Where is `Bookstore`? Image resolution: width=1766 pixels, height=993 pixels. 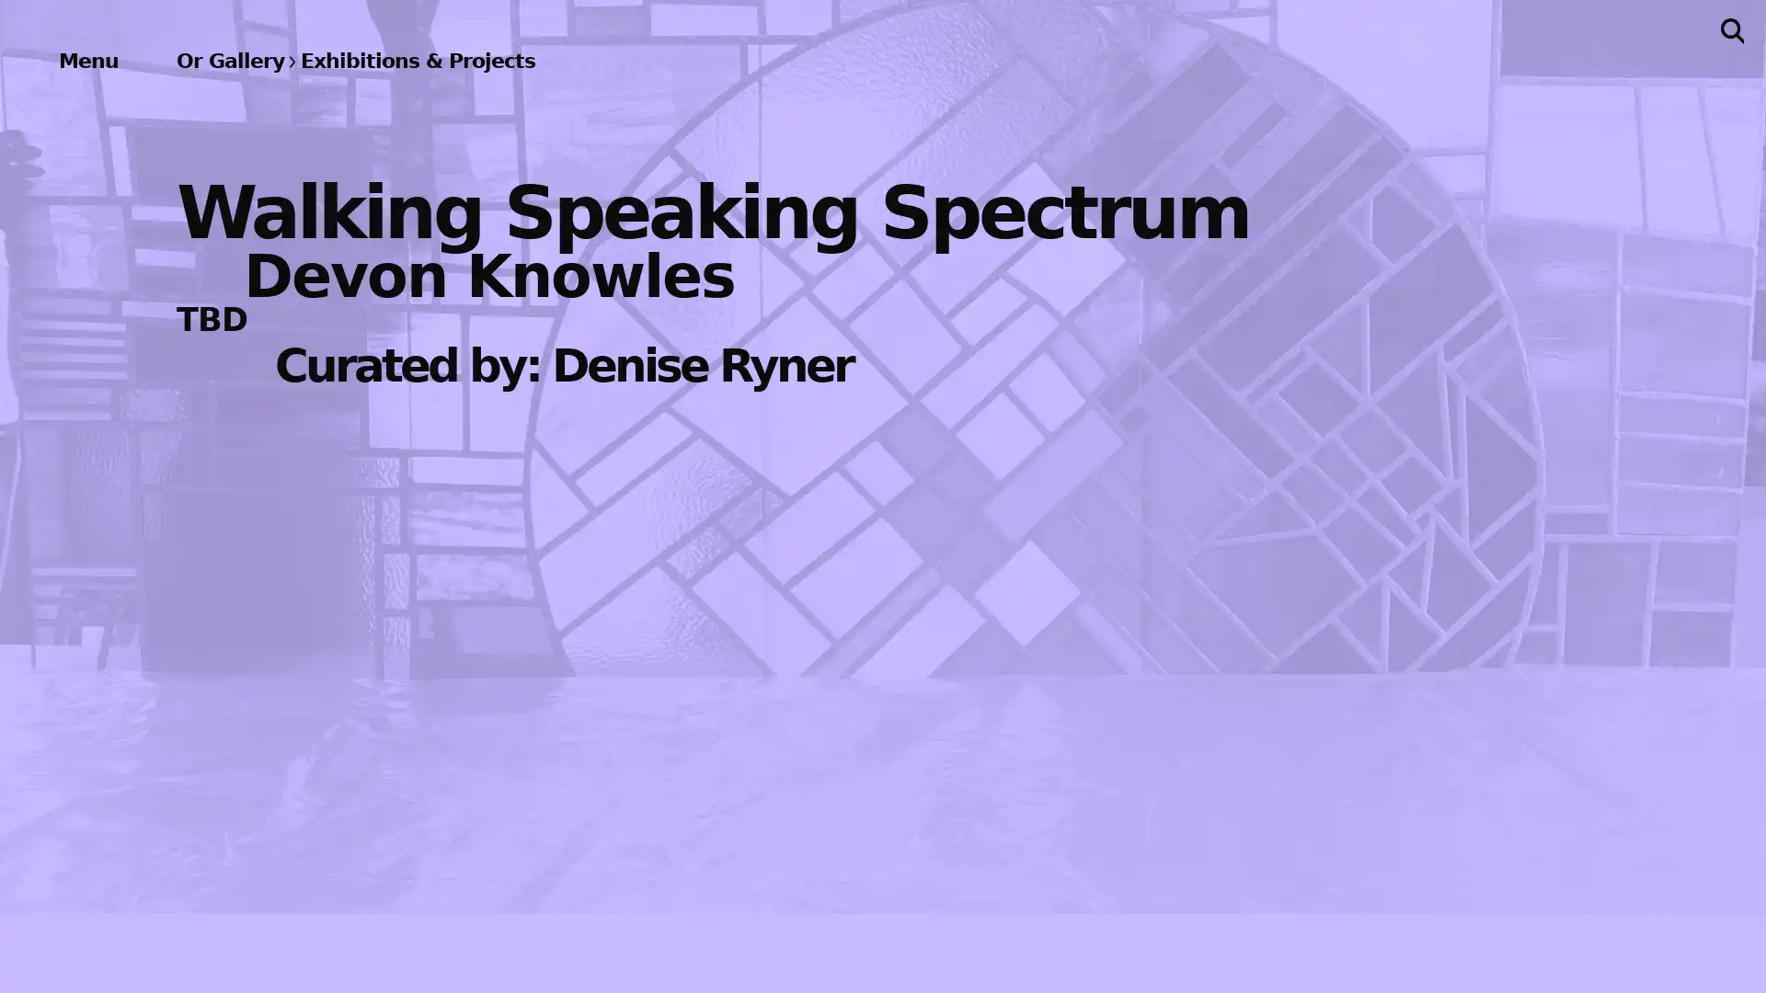 Bookstore is located at coordinates (399, 519).